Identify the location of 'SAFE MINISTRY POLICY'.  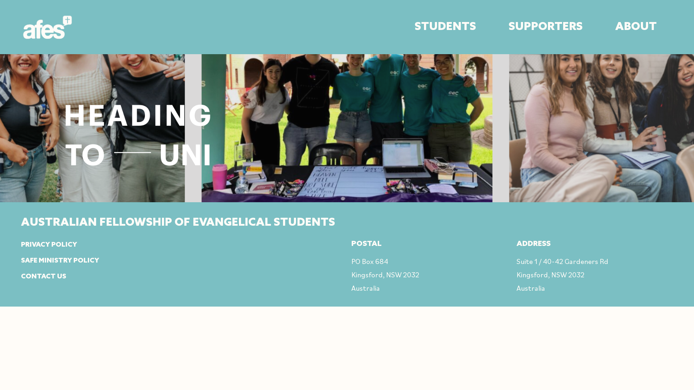
(21, 260).